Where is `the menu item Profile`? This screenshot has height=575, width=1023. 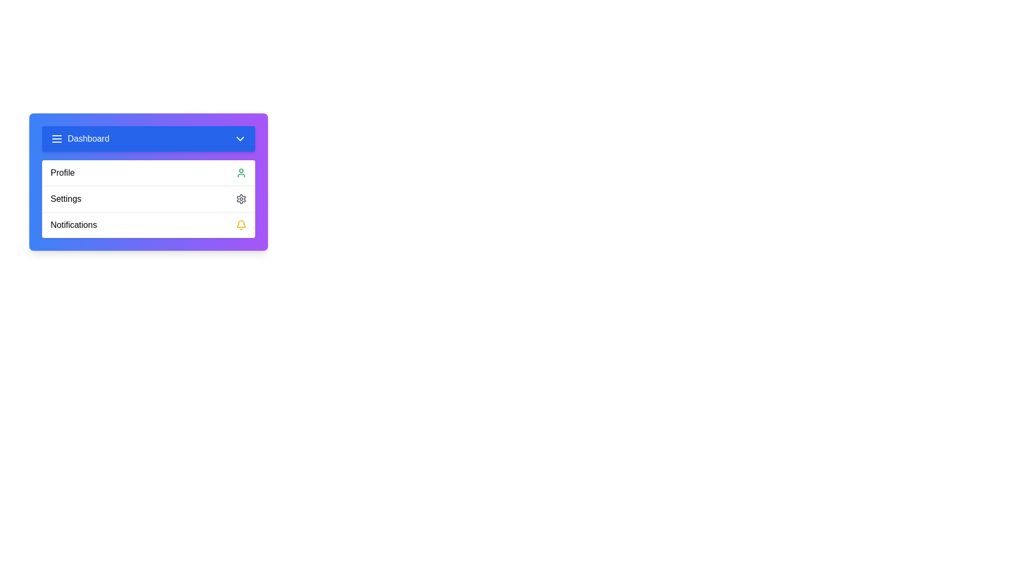
the menu item Profile is located at coordinates (148, 172).